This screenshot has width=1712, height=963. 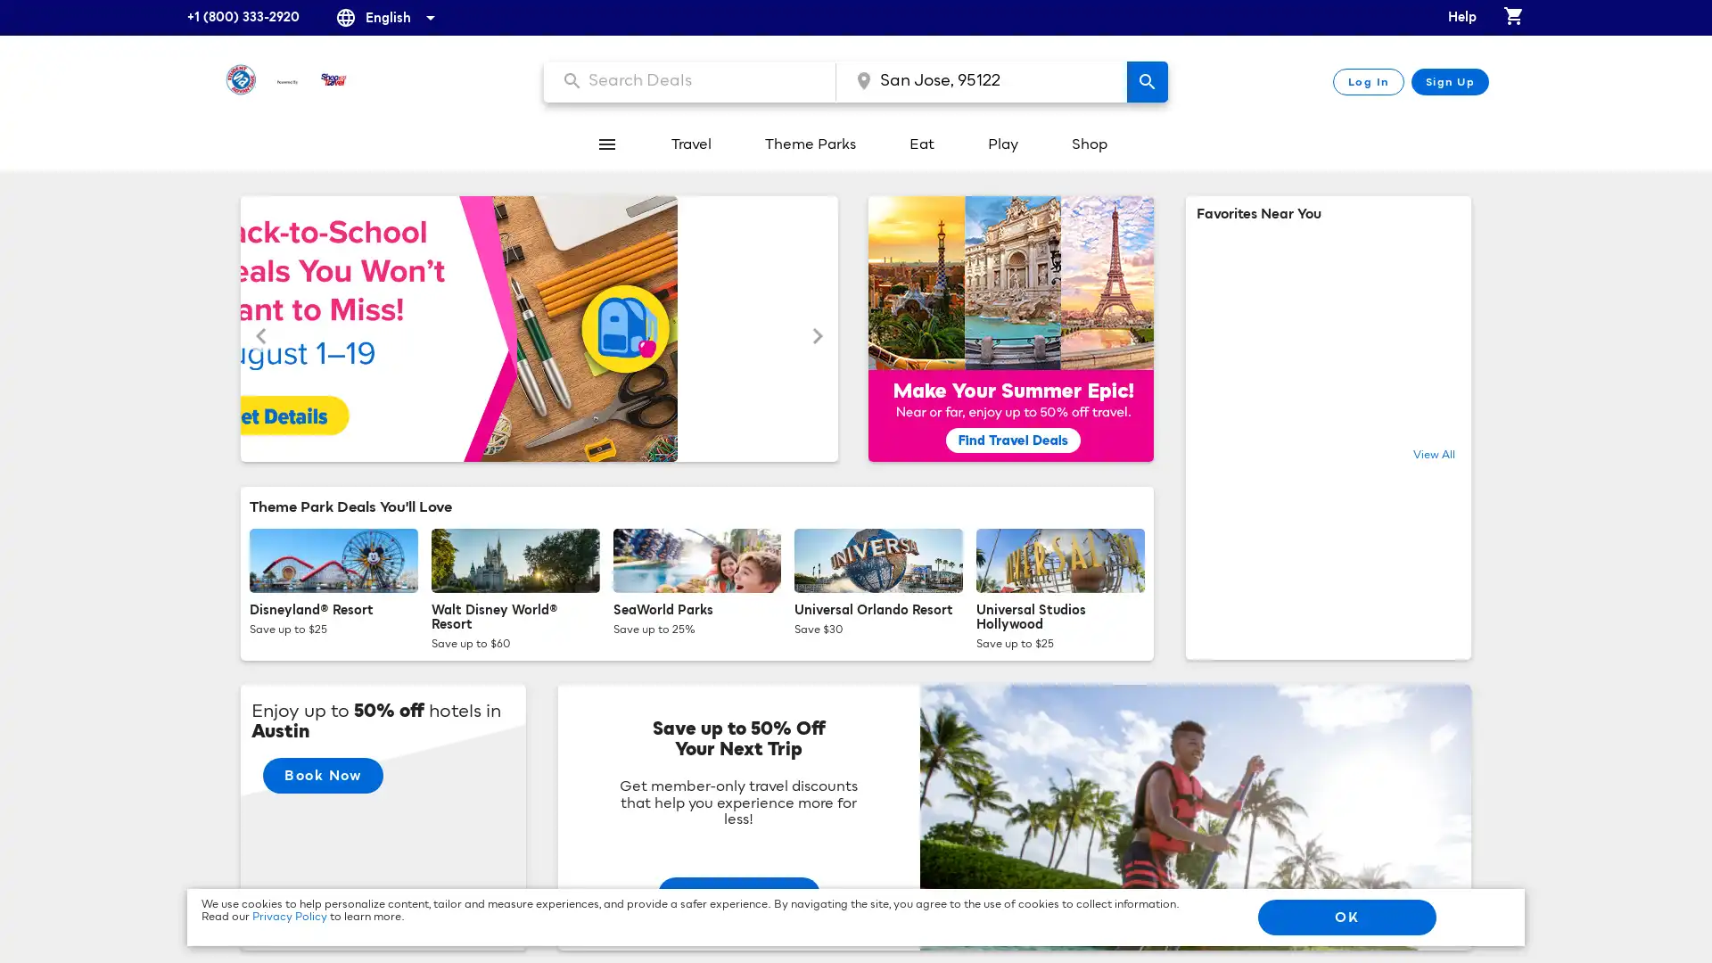 I want to click on Shop, so click(x=1087, y=149).